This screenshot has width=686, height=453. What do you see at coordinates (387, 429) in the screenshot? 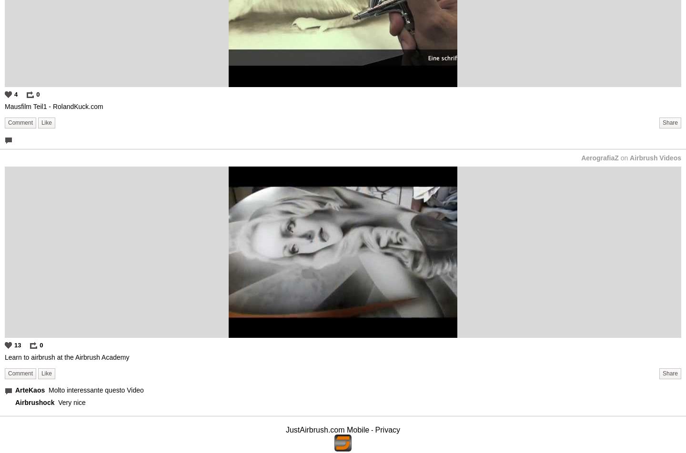
I see `'Privacy'` at bounding box center [387, 429].